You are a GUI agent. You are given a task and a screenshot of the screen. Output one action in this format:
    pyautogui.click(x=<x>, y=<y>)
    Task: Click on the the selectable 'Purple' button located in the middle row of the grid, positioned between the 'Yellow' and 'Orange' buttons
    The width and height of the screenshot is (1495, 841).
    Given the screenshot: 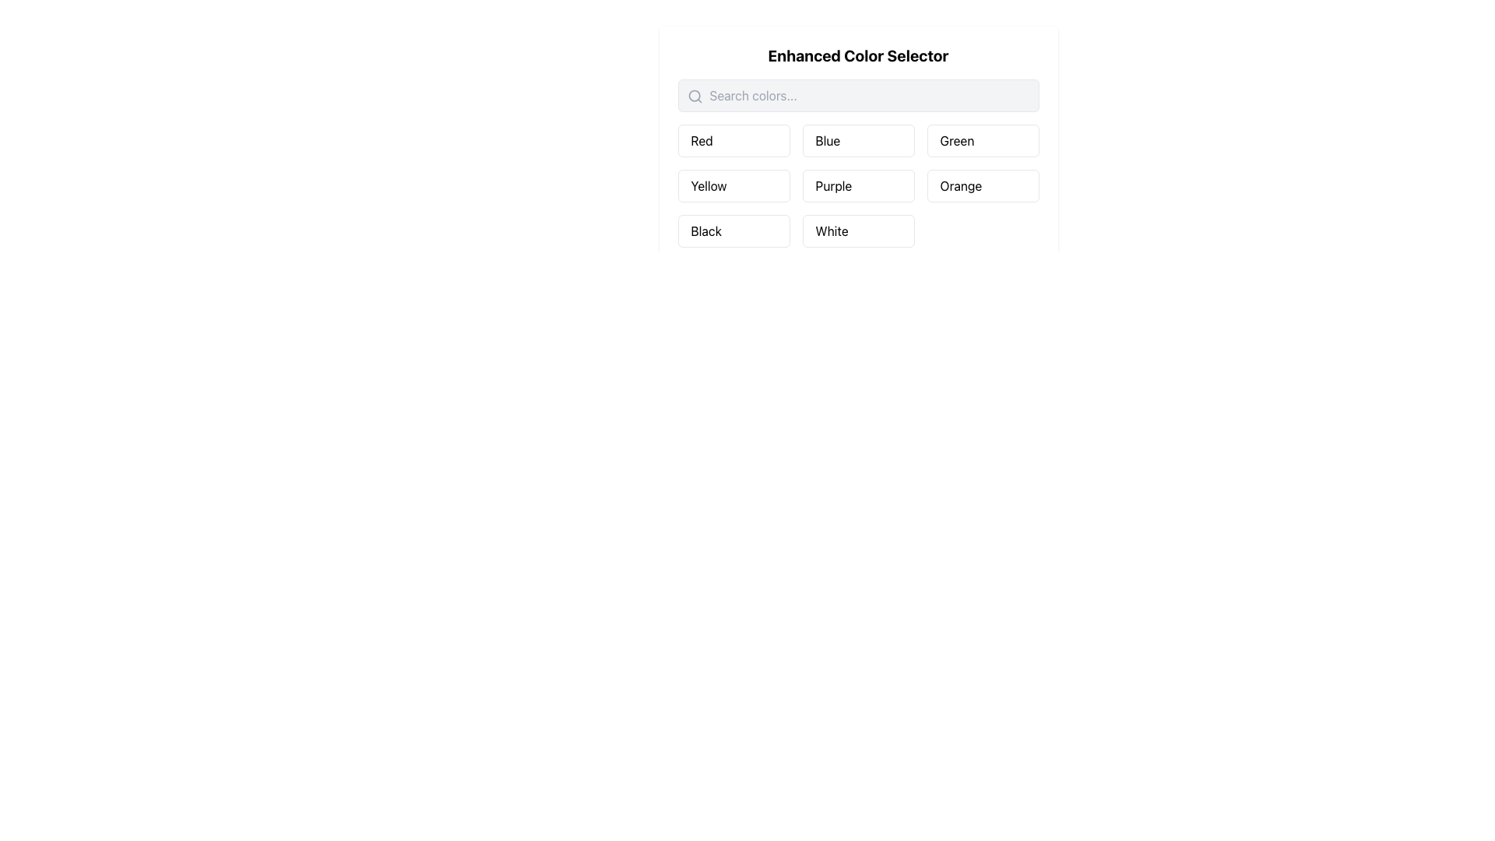 What is the action you would take?
    pyautogui.click(x=857, y=185)
    